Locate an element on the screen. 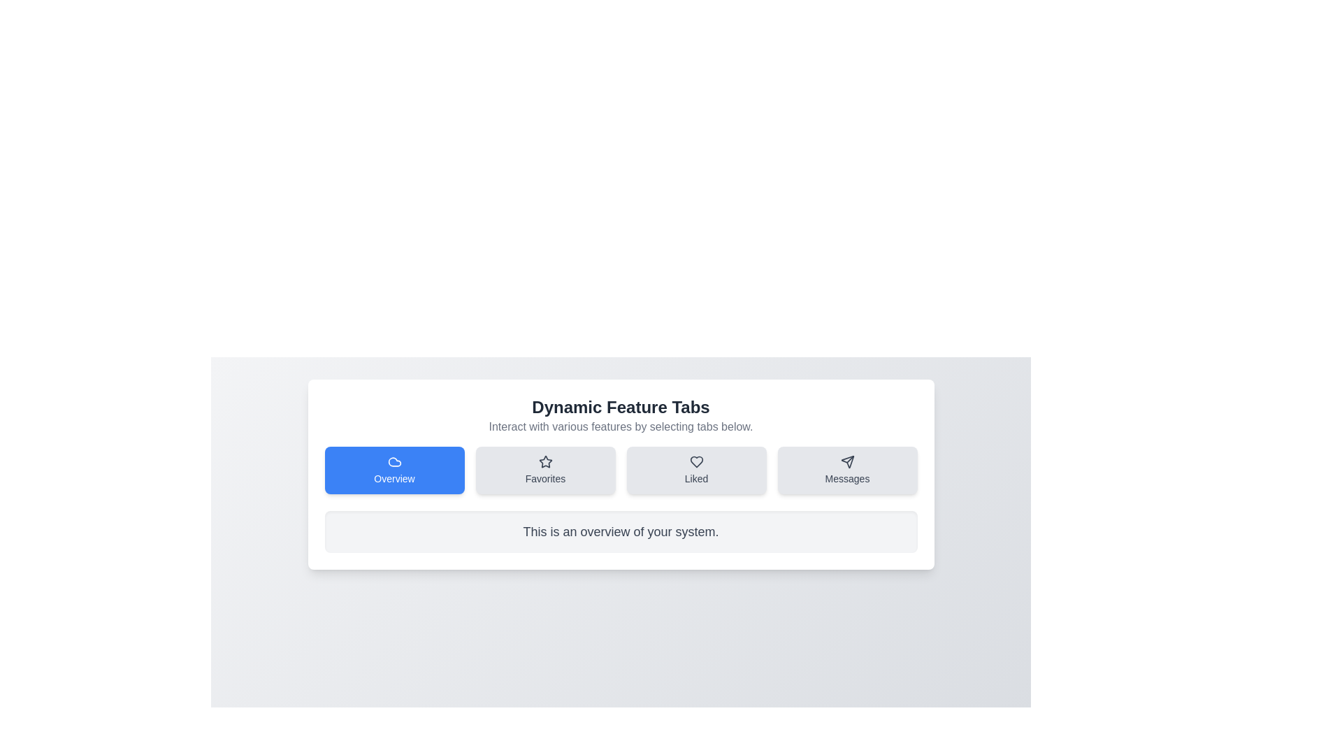 The height and width of the screenshot is (755, 1342). the 'Favorites' text label that is styled with a smaller font size and located beneath the star icon within the 'Favorites' tab is located at coordinates (544, 478).